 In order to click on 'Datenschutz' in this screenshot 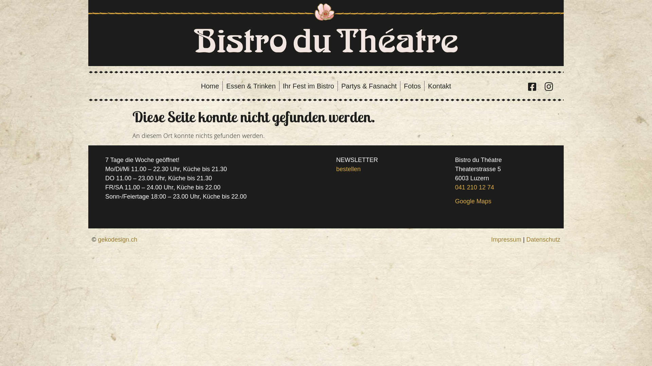, I will do `click(543, 239)`.